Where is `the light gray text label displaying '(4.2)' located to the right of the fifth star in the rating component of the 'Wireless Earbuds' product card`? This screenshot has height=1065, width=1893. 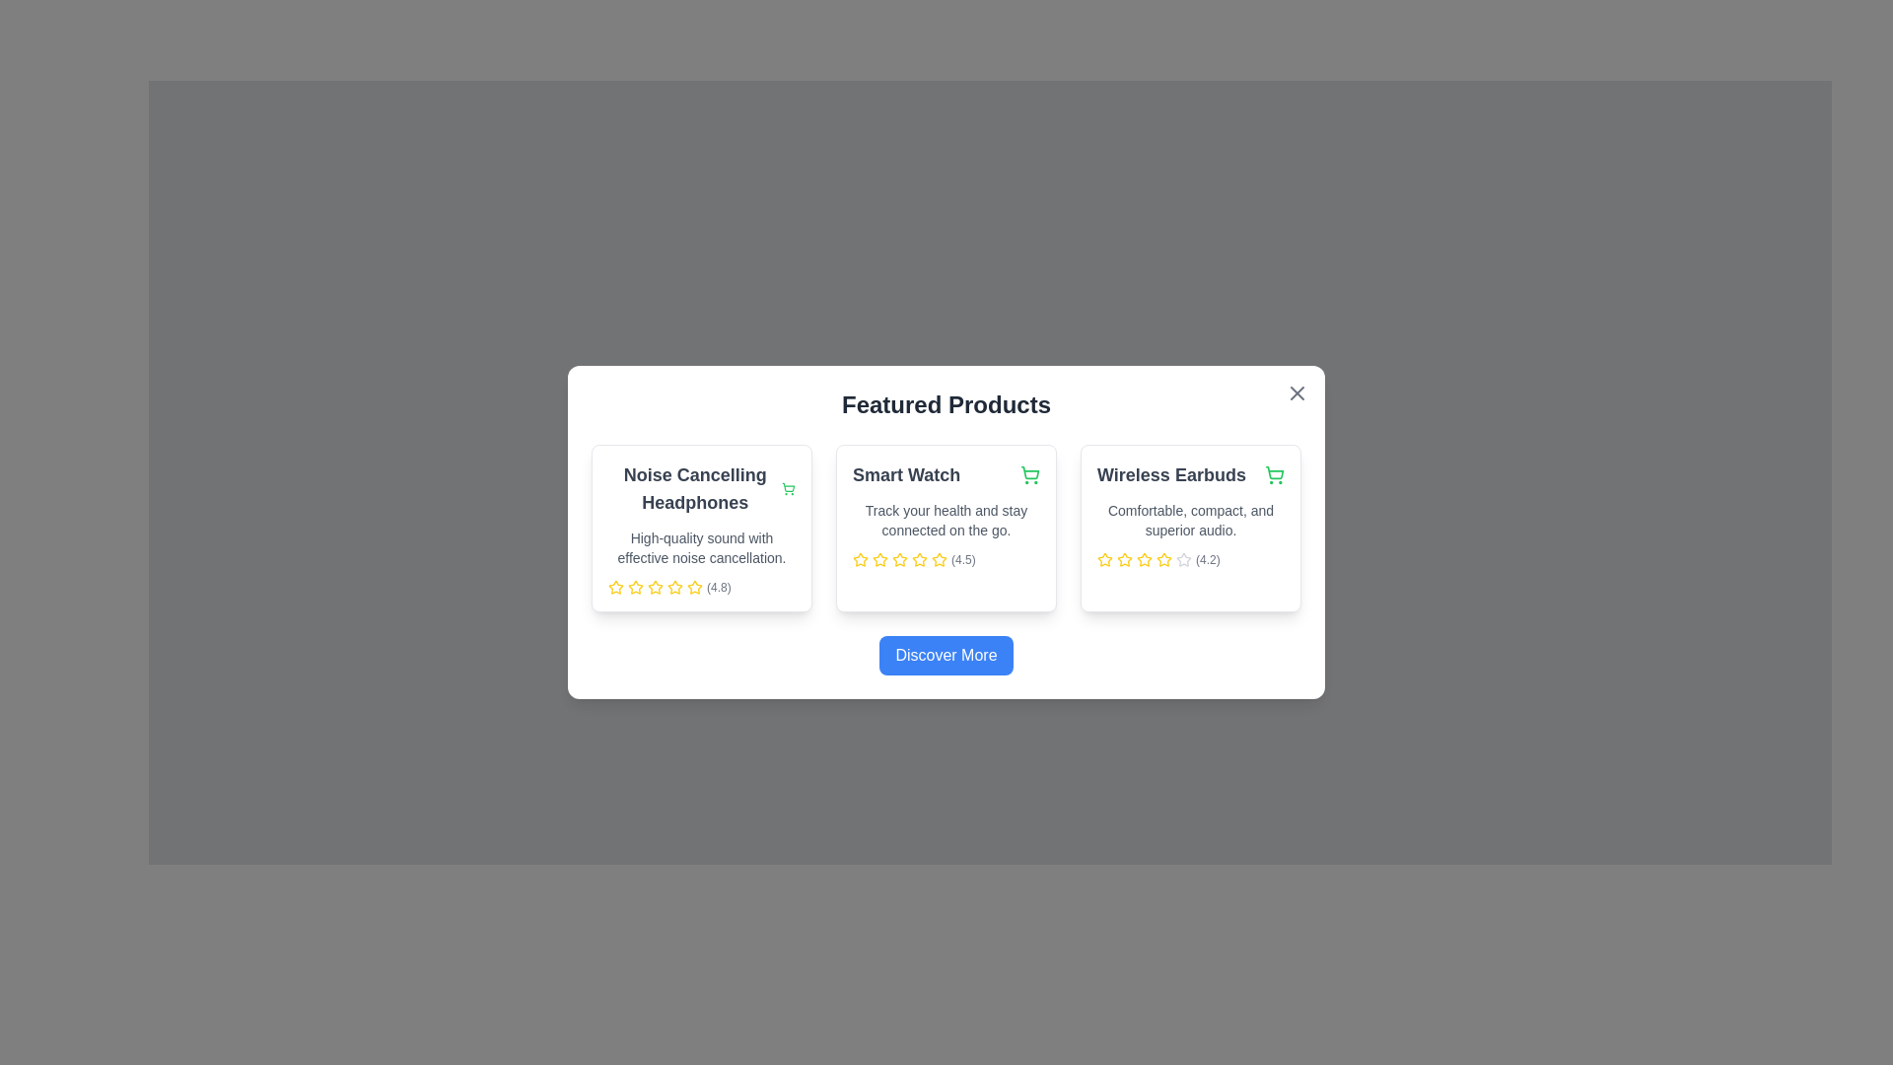
the light gray text label displaying '(4.2)' located to the right of the fifth star in the rating component of the 'Wireless Earbuds' product card is located at coordinates (1207, 559).